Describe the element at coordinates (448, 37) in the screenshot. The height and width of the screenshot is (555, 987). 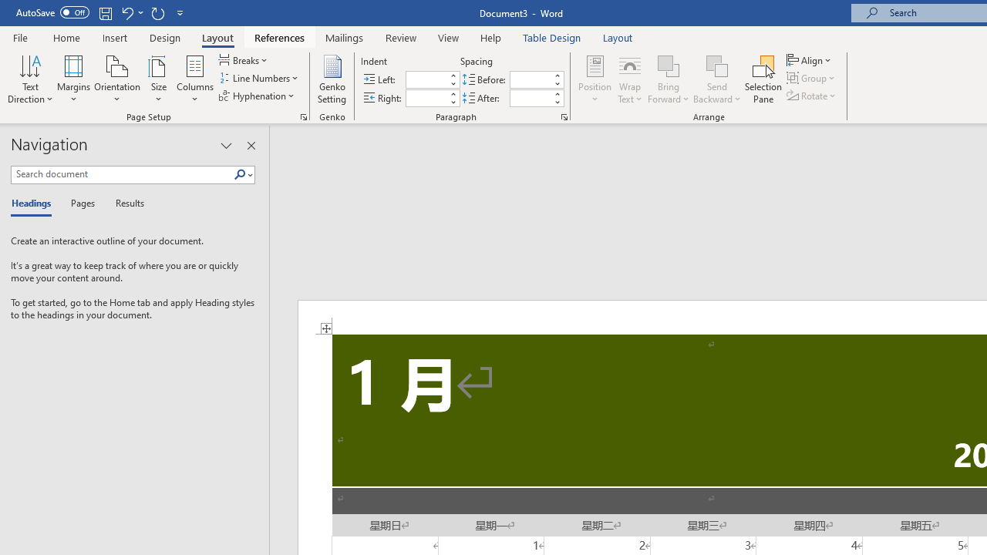
I see `'View'` at that location.